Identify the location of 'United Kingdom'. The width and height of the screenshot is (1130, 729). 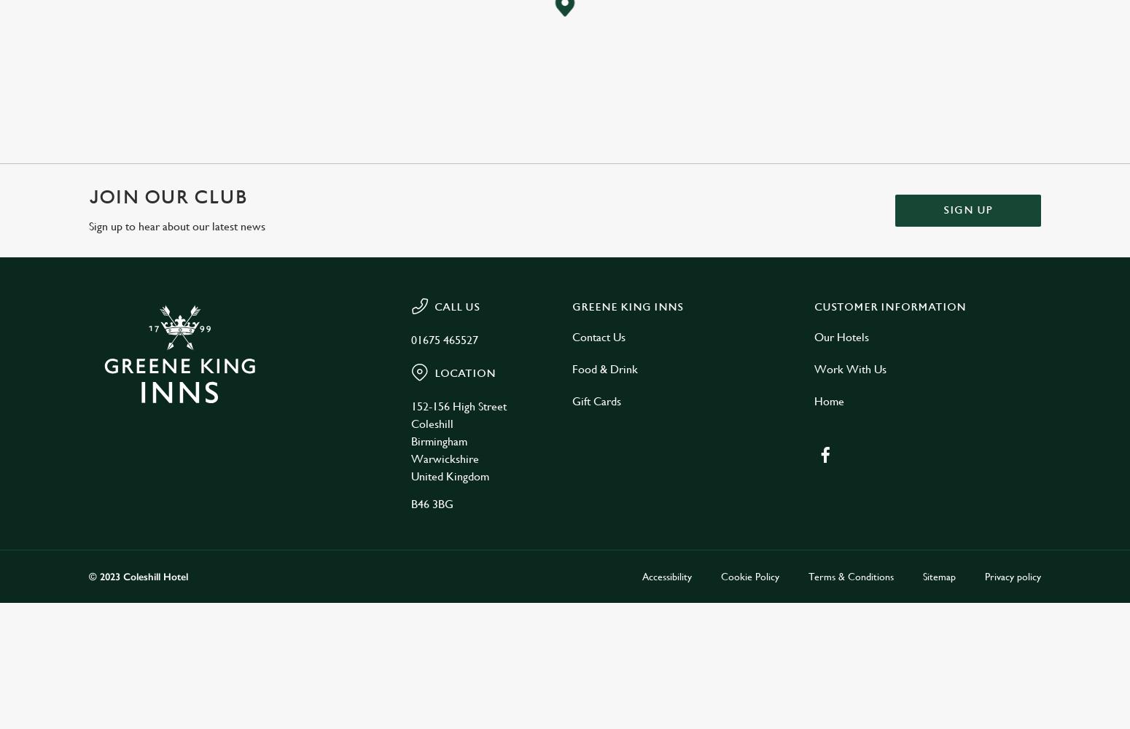
(411, 476).